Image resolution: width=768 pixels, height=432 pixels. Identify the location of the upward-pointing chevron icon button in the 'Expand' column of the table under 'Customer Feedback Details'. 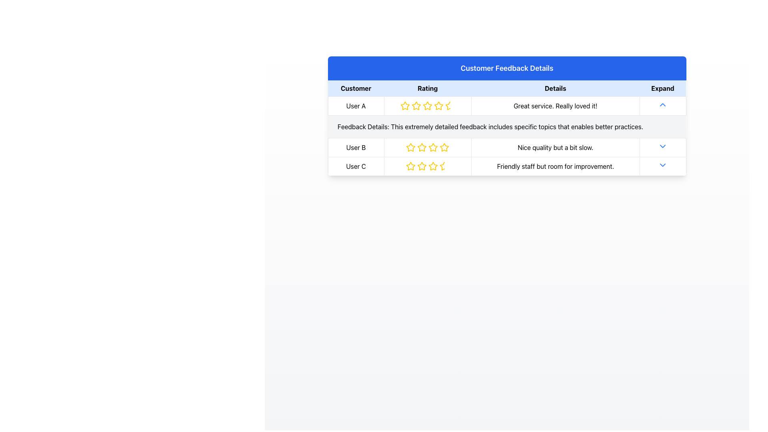
(663, 104).